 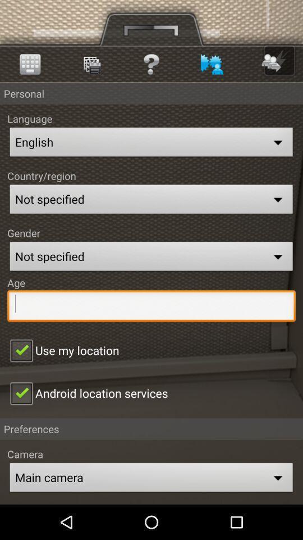 What do you see at coordinates (278, 65) in the screenshot?
I see `the arrow_forward icon` at bounding box center [278, 65].